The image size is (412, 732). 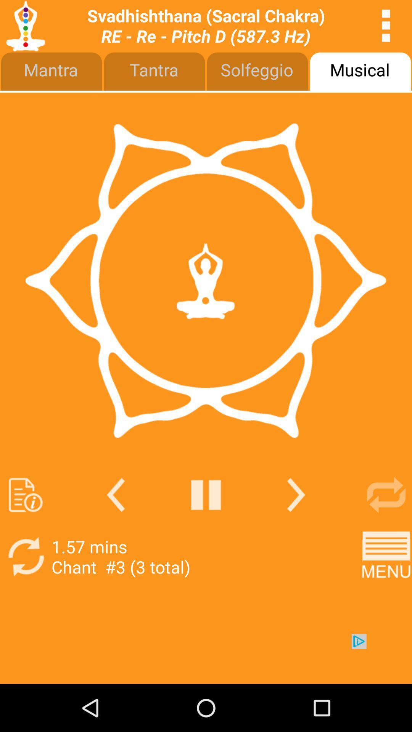 I want to click on the refresh icon, so click(x=25, y=595).